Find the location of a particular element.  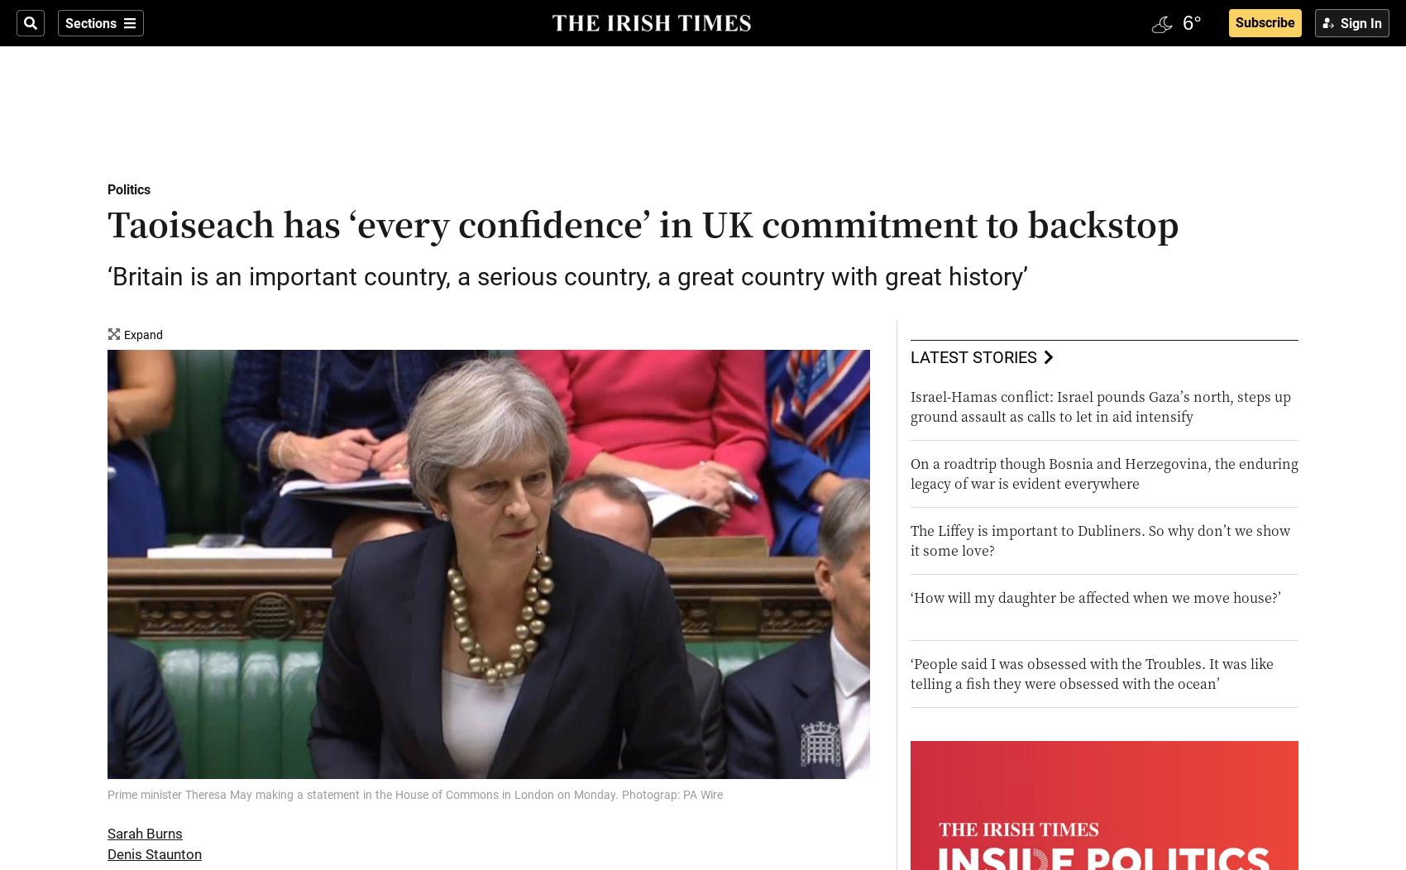

'Prime minister Theresa May making a statement in the House of Commons in London on Monday.   Photograp: PA Wire' is located at coordinates (415, 792).